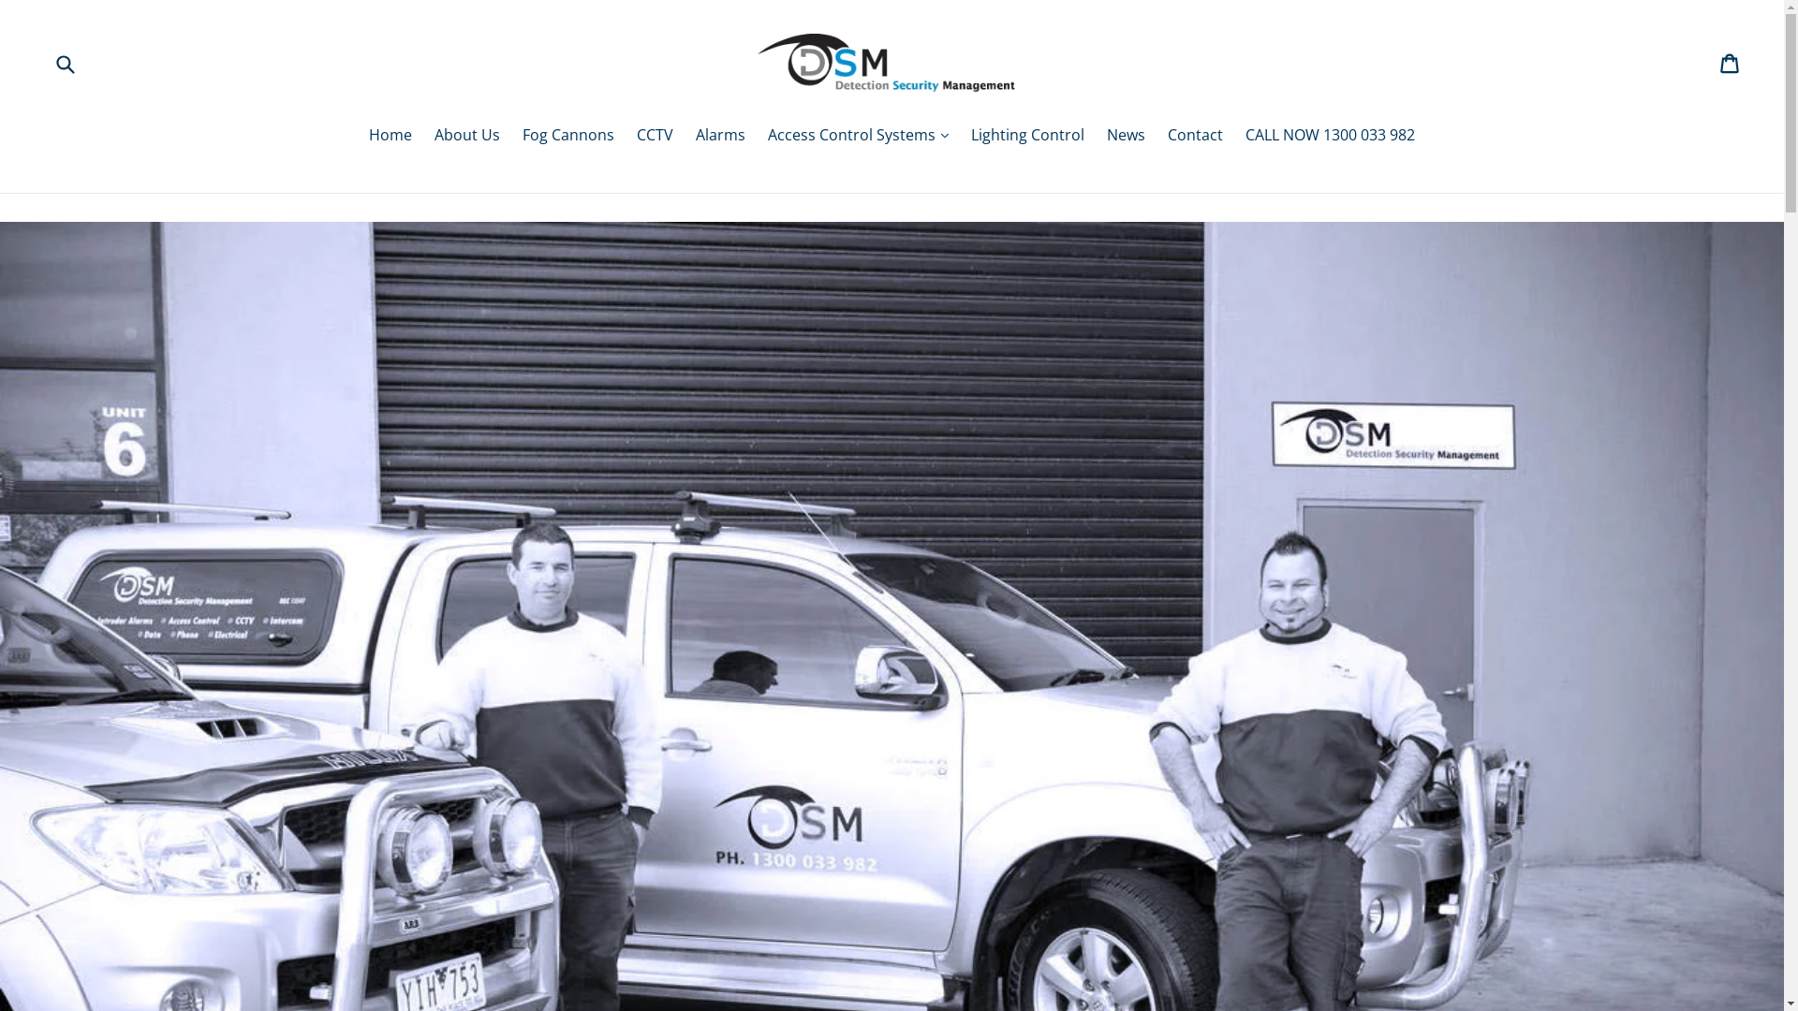 Image resolution: width=1798 pixels, height=1011 pixels. What do you see at coordinates (655, 135) in the screenshot?
I see `'CCTV'` at bounding box center [655, 135].